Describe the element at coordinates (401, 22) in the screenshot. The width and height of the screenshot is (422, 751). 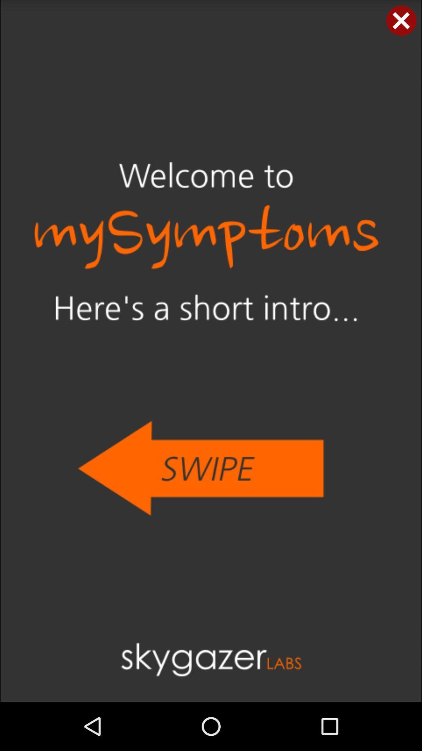
I see `the close icon` at that location.